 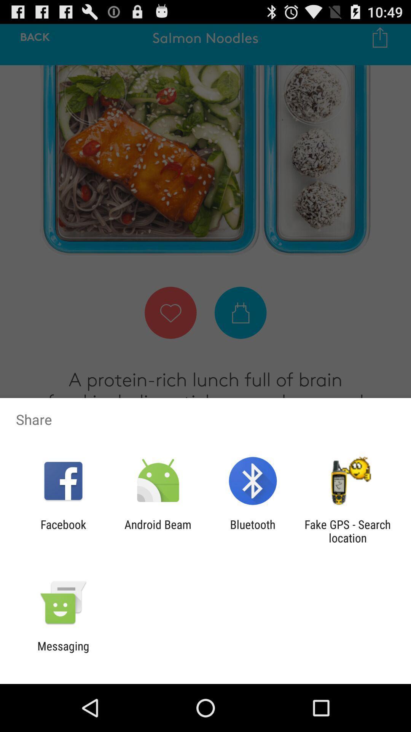 I want to click on item to the left of the fake gps search item, so click(x=253, y=531).